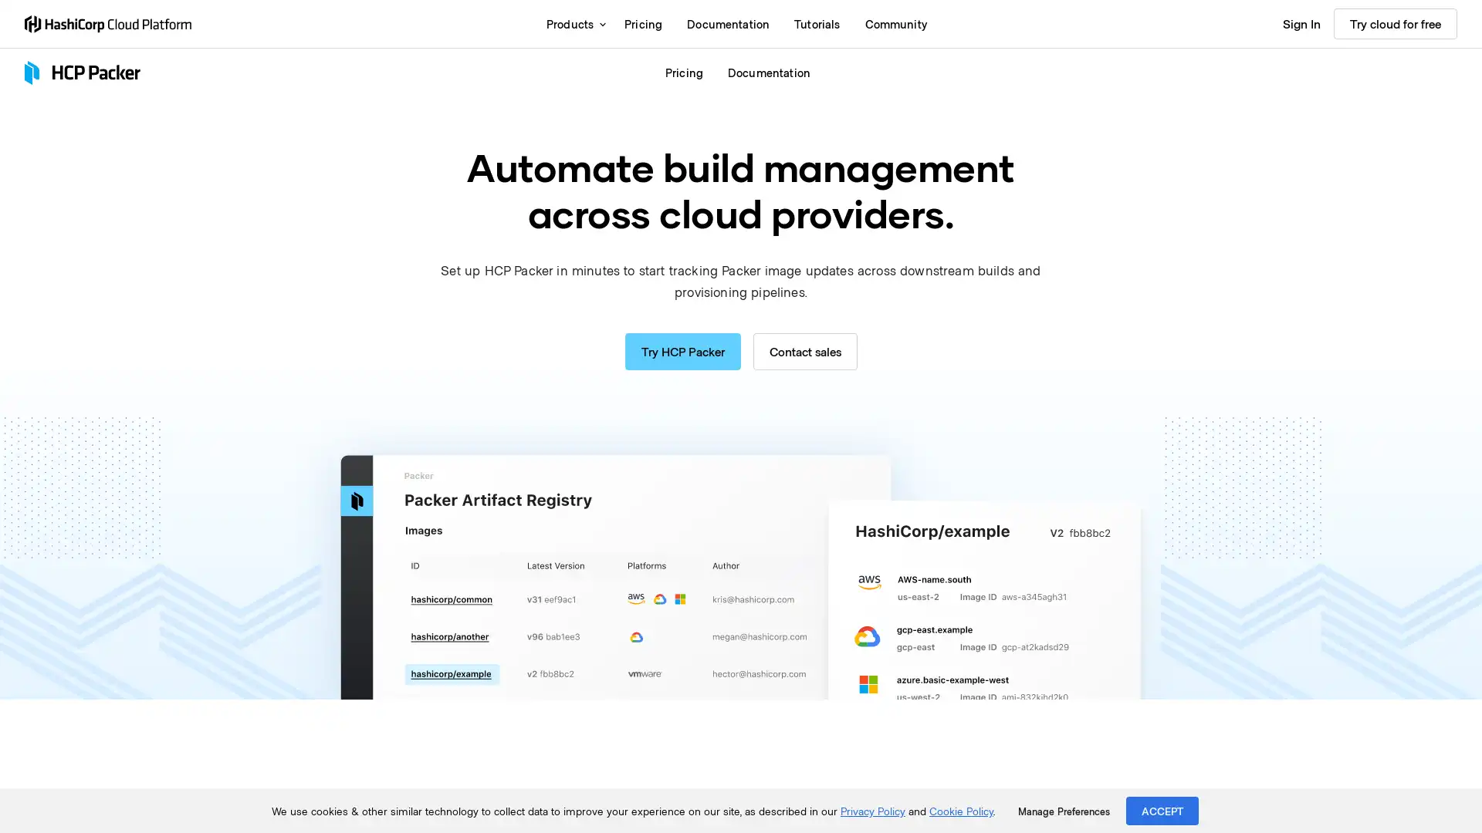 The image size is (1482, 833). I want to click on ACCEPT, so click(1162, 810).